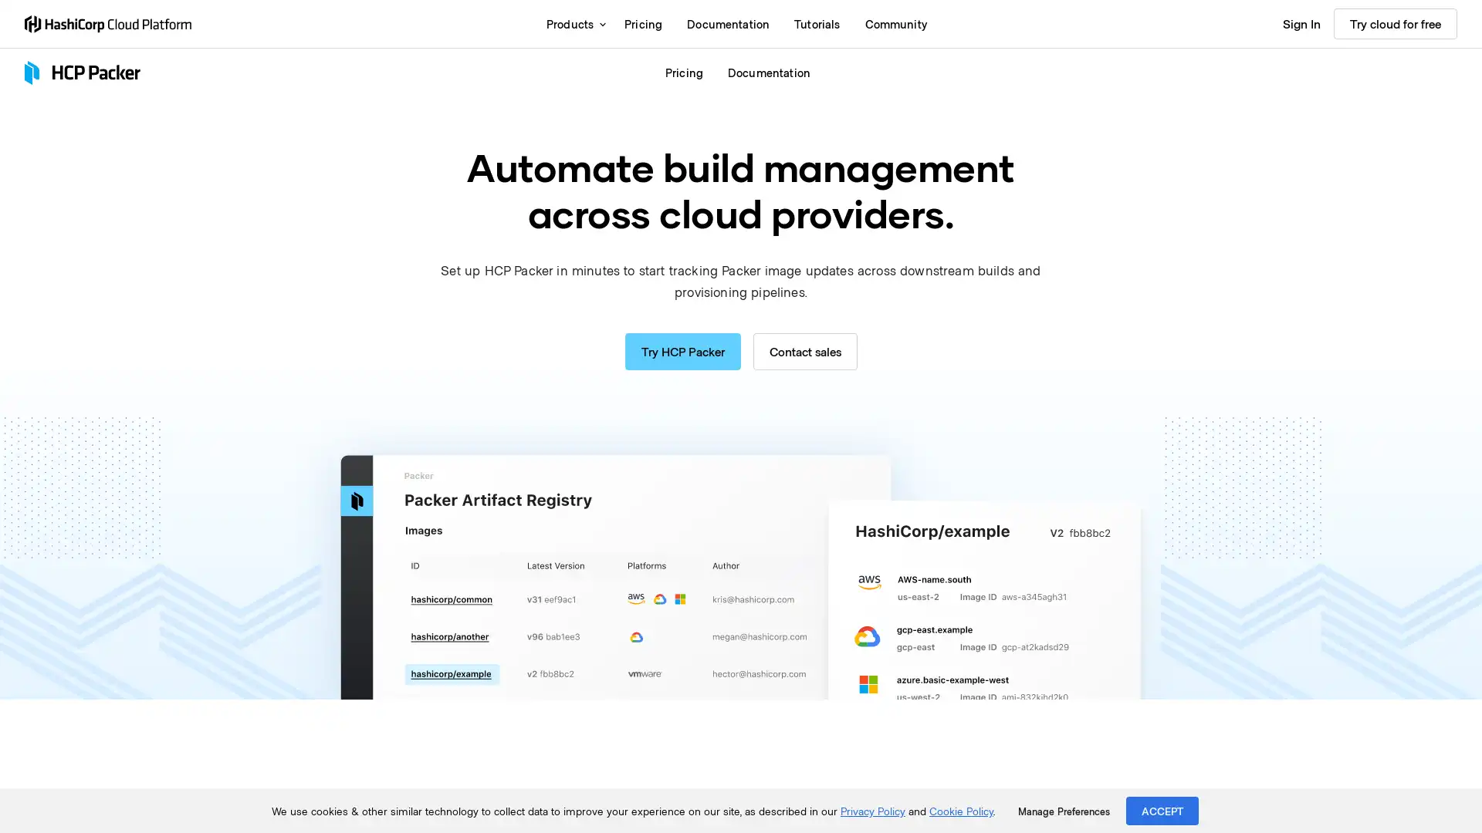 The image size is (1482, 833). I want to click on ACCEPT, so click(1162, 810).